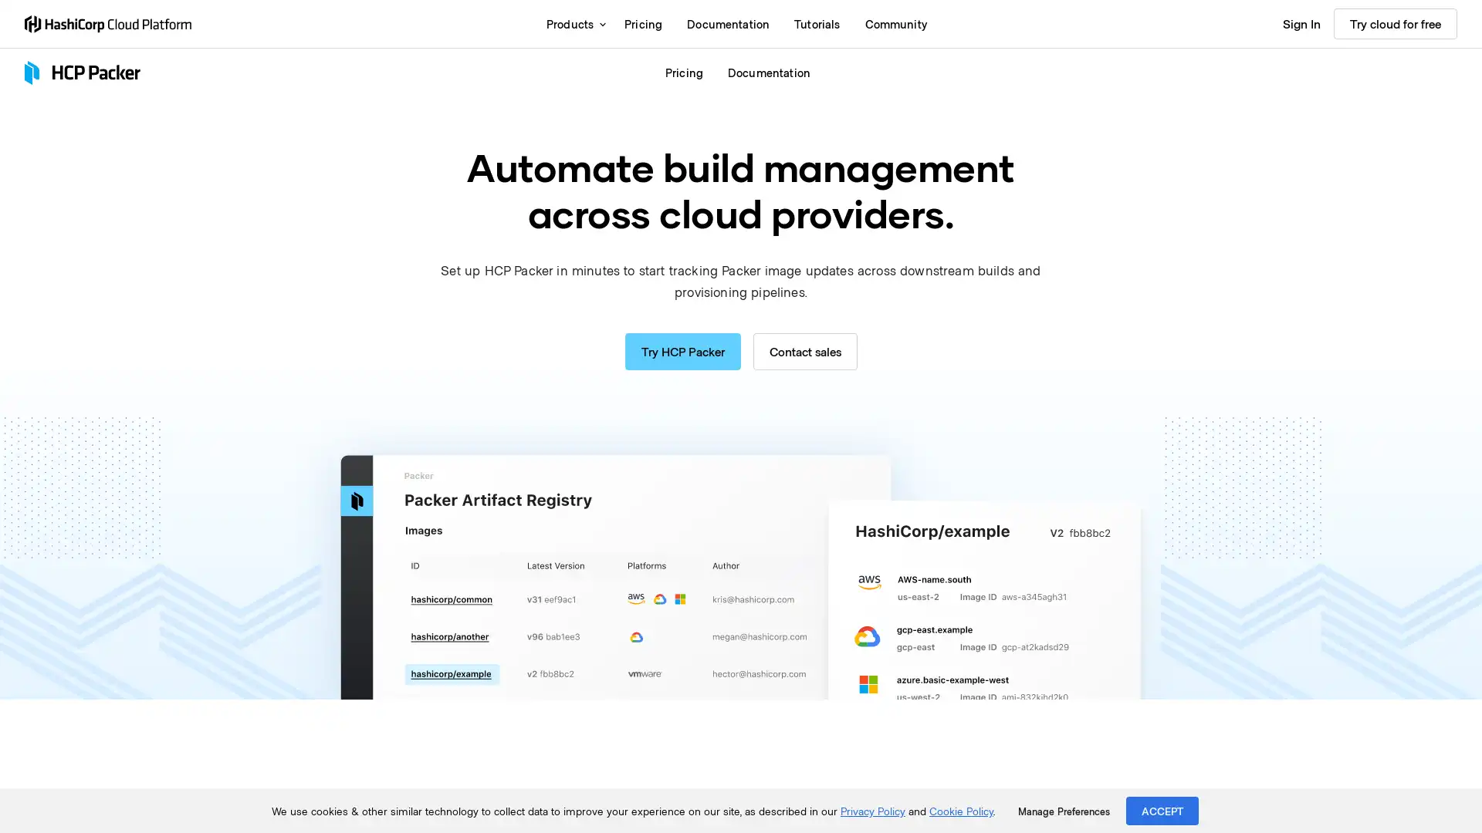 The image size is (1482, 833). I want to click on ACCEPT, so click(1162, 810).